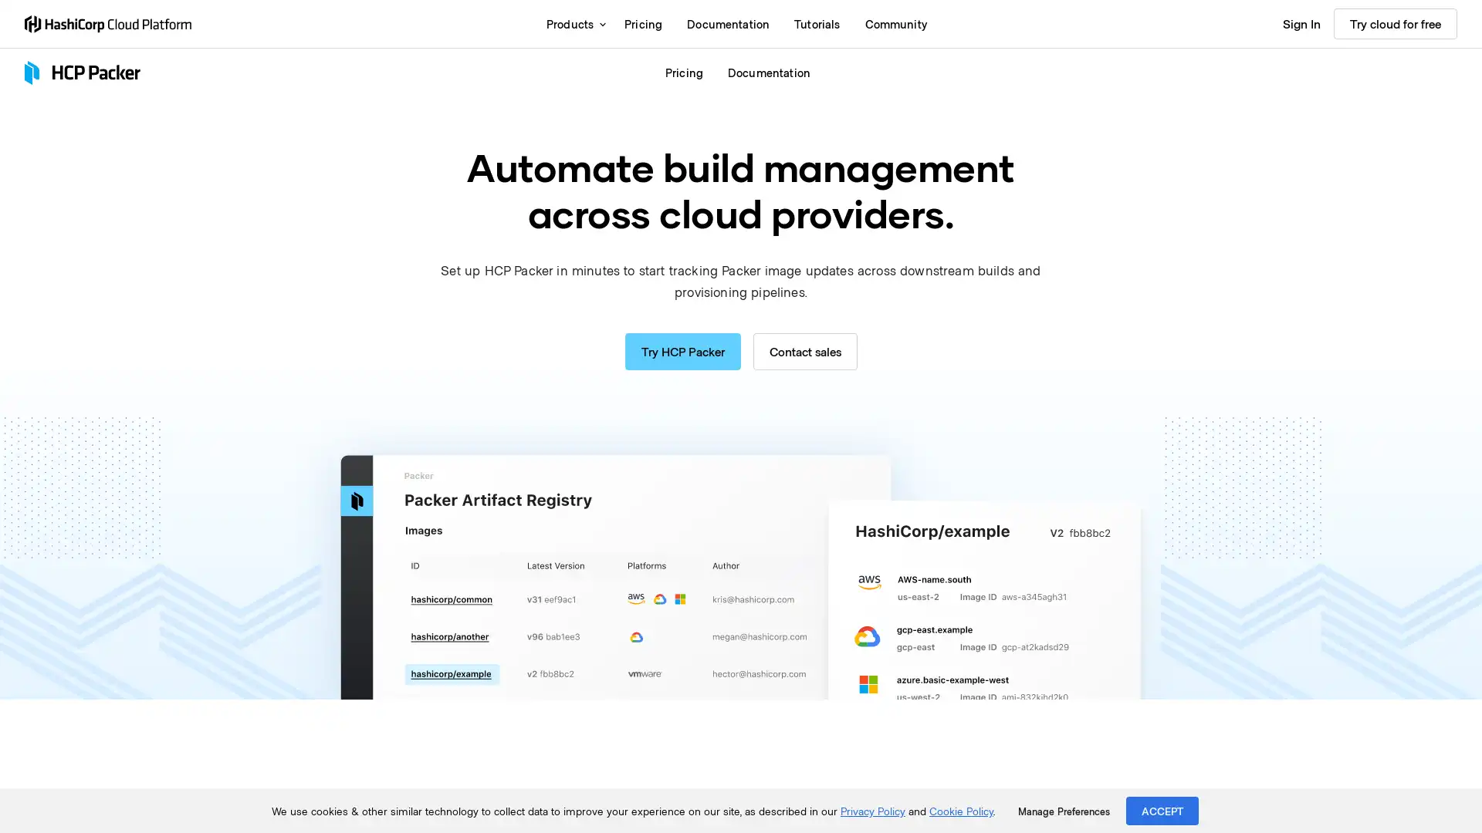 The image size is (1482, 833). I want to click on ACCEPT, so click(1162, 810).